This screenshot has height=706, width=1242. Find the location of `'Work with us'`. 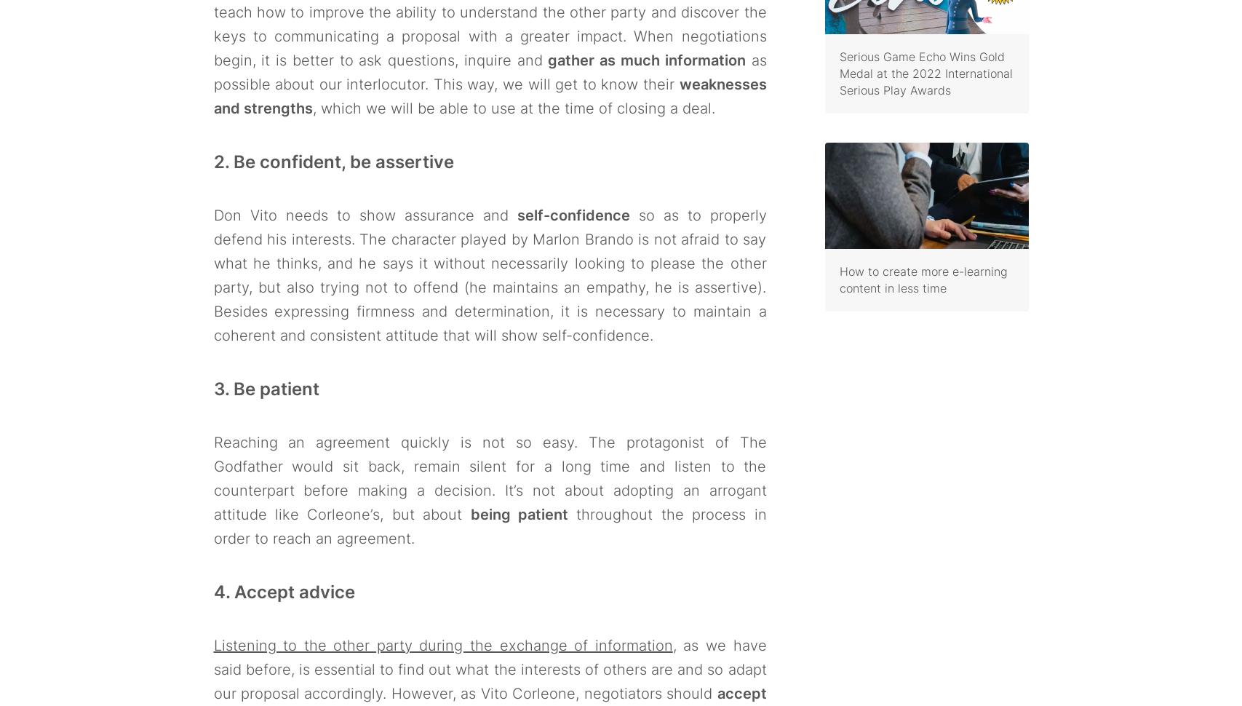

'Work with us' is located at coordinates (867, 510).